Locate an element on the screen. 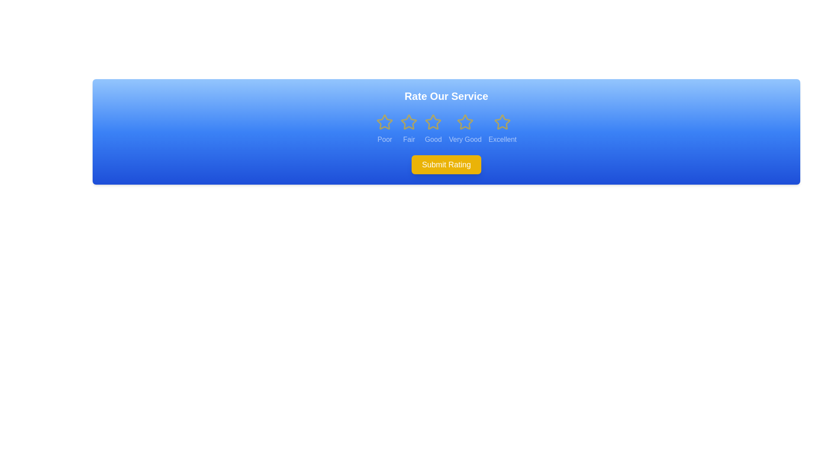 The height and width of the screenshot is (467, 831). the second star icon in the rating system is located at coordinates (409, 122).